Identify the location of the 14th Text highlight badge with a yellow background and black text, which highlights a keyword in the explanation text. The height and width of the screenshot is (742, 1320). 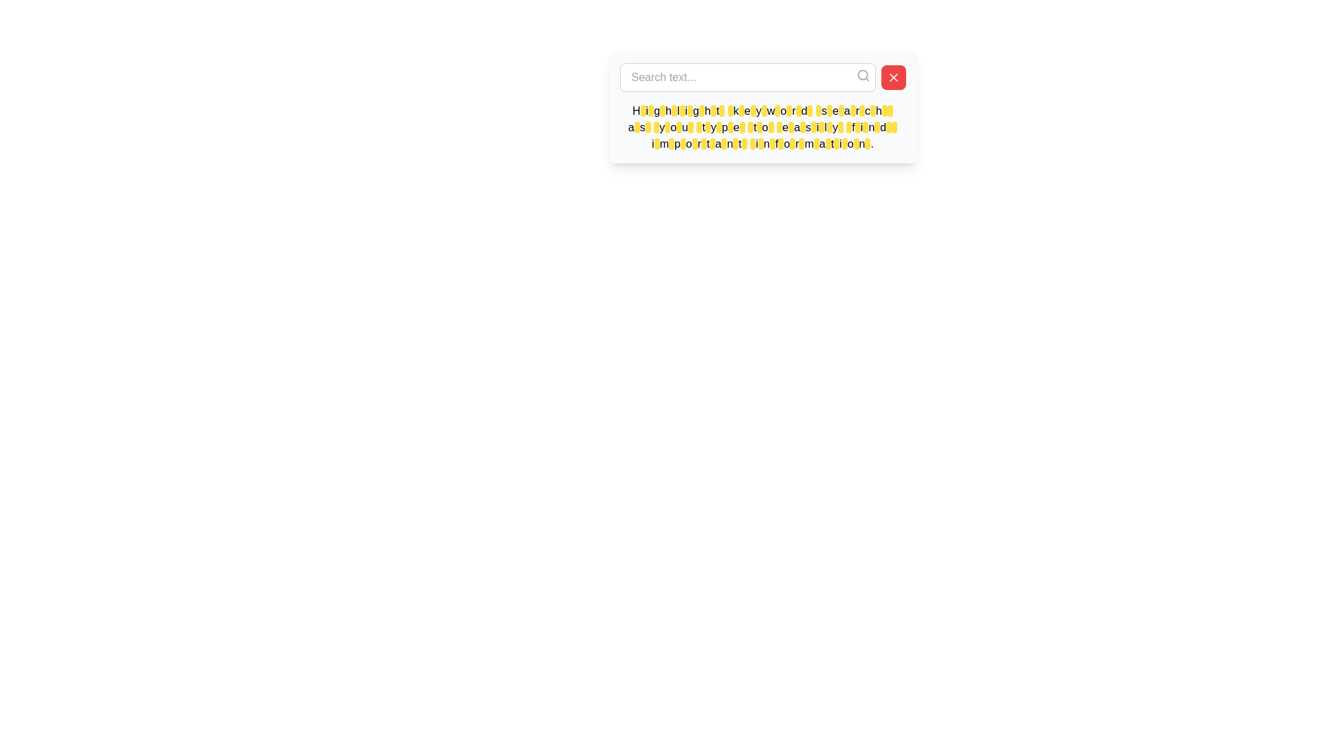
(778, 110).